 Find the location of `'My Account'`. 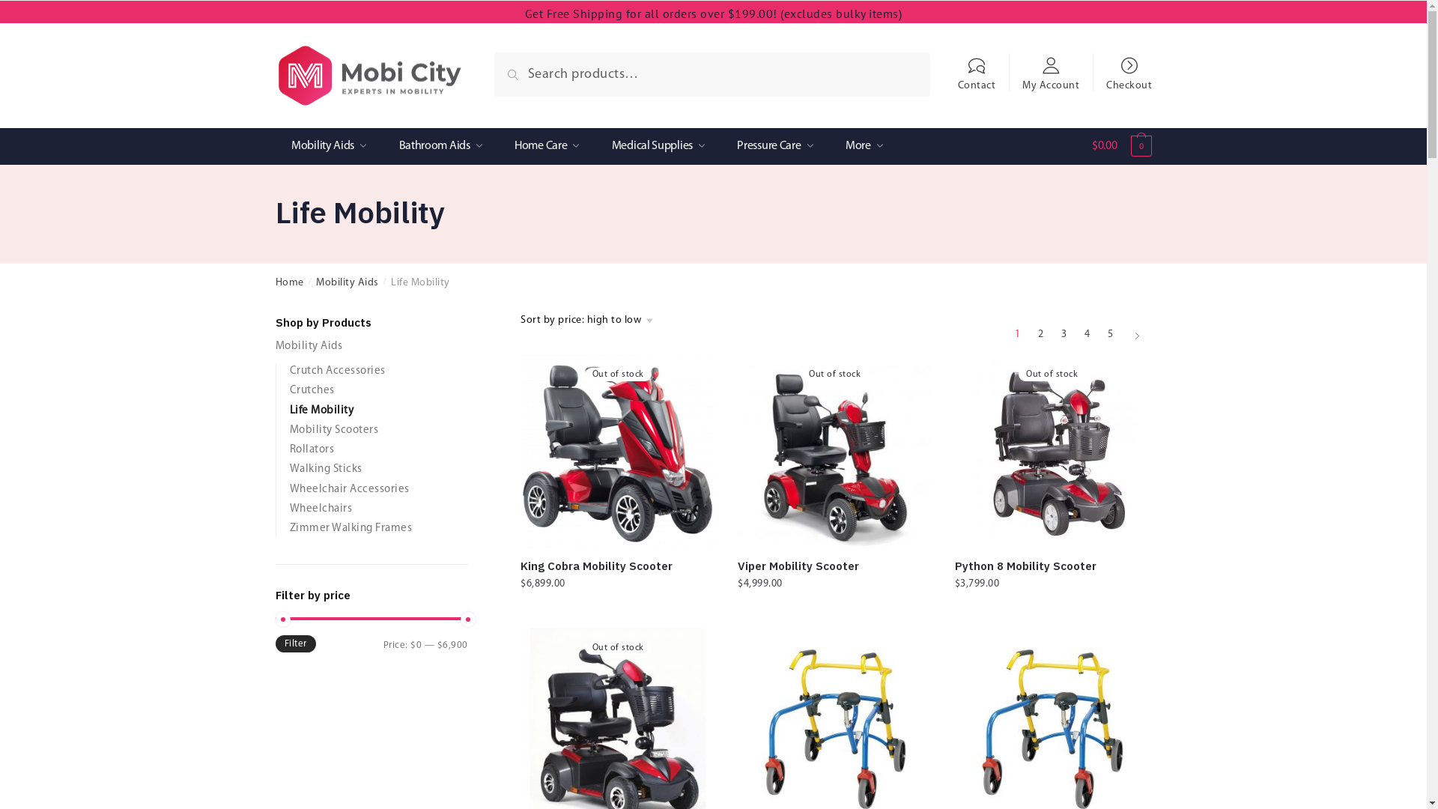

'My Account' is located at coordinates (1050, 66).